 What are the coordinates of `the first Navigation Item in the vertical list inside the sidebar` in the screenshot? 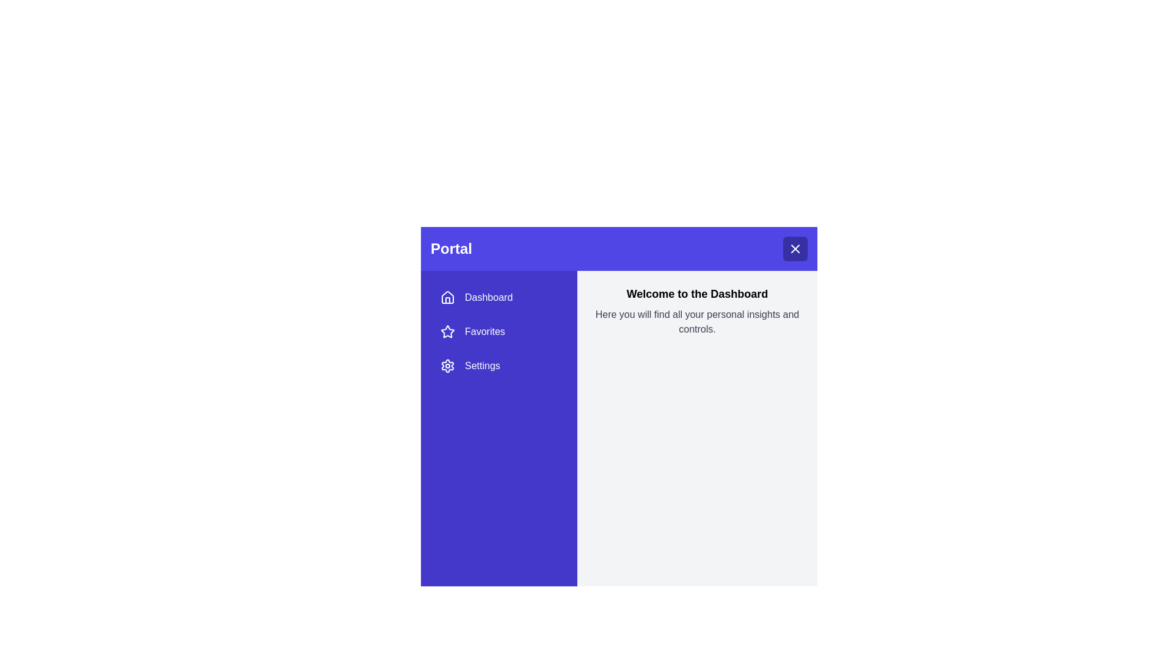 It's located at (499, 298).